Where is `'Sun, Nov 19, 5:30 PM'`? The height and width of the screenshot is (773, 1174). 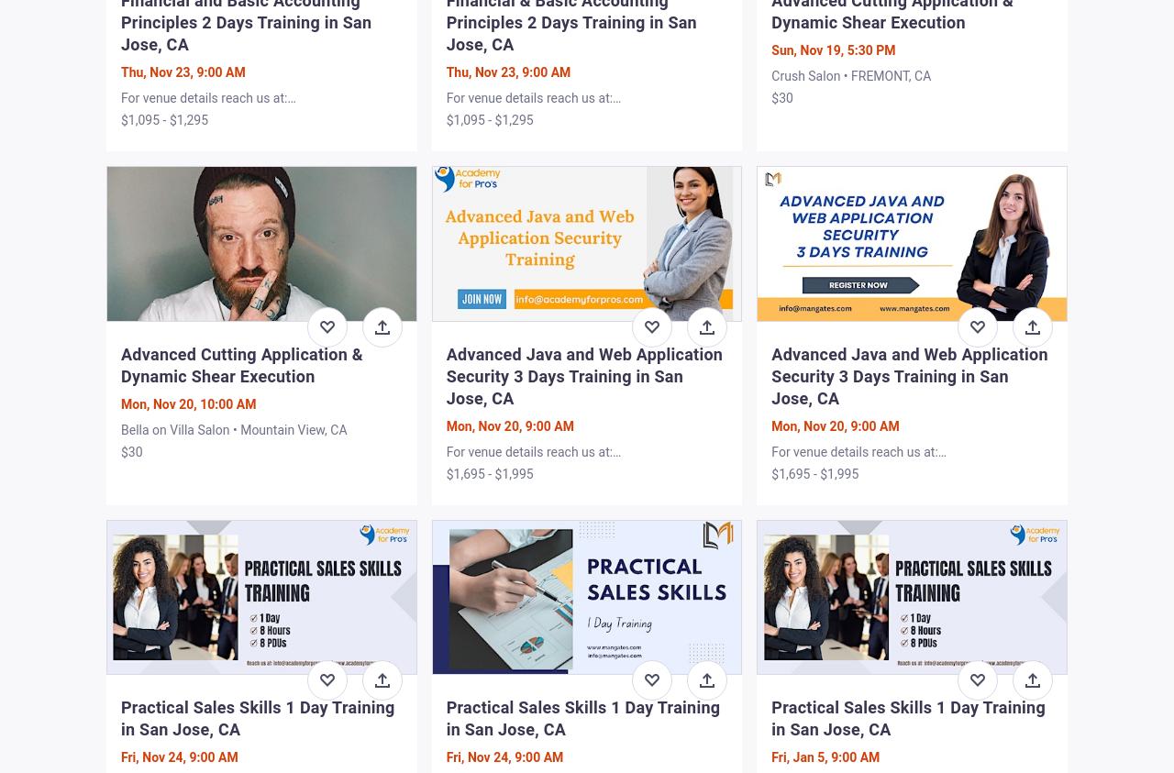
'Sun, Nov 19, 5:30 PM' is located at coordinates (832, 49).